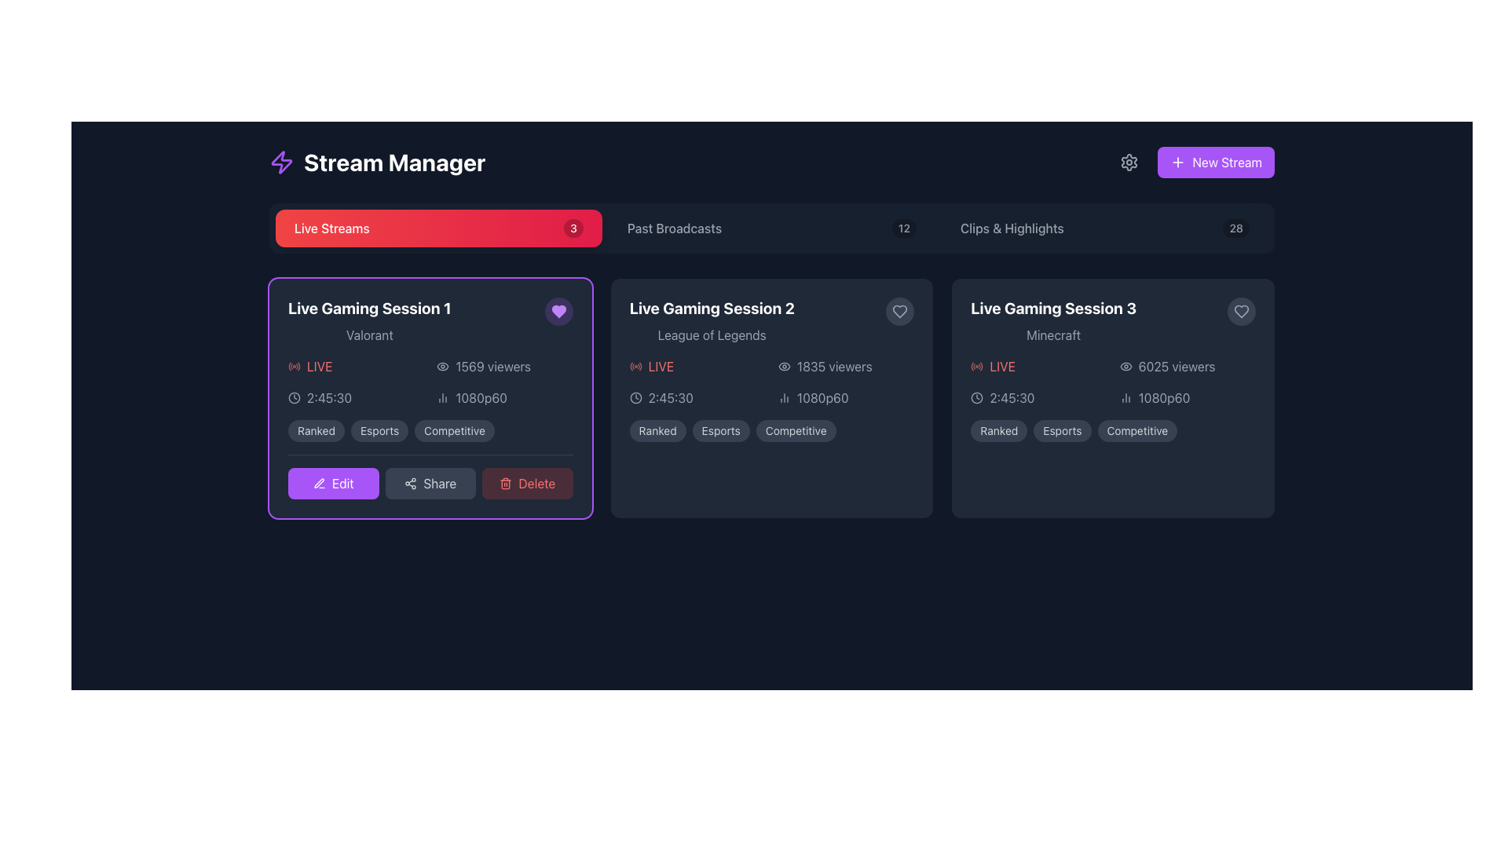 This screenshot has width=1508, height=848. I want to click on the columnar chart icon located within the 'Live Gaming Session 3' card, immediately left of the text '1080p60', so click(1125, 397).